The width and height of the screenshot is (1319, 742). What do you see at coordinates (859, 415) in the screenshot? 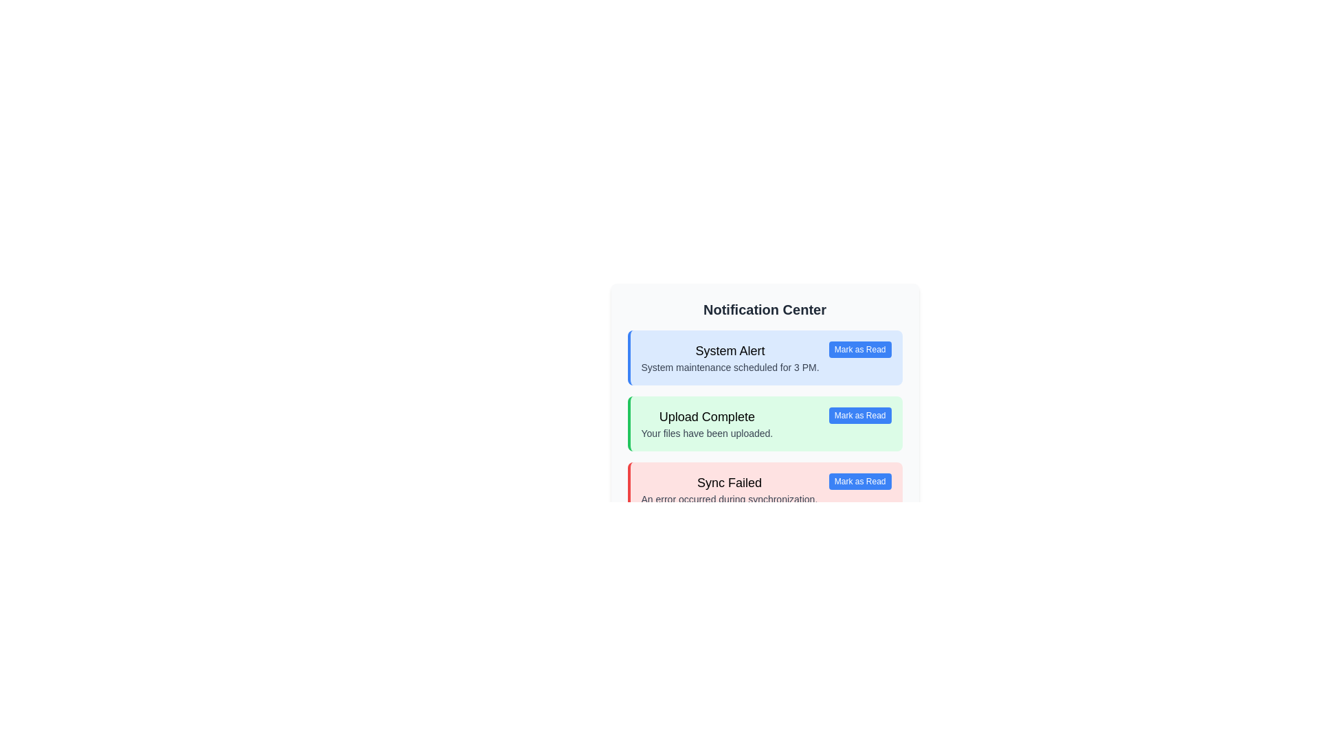
I see `the 'Mark as Read' button, which has a blue background and white text, to observe its color change` at bounding box center [859, 415].